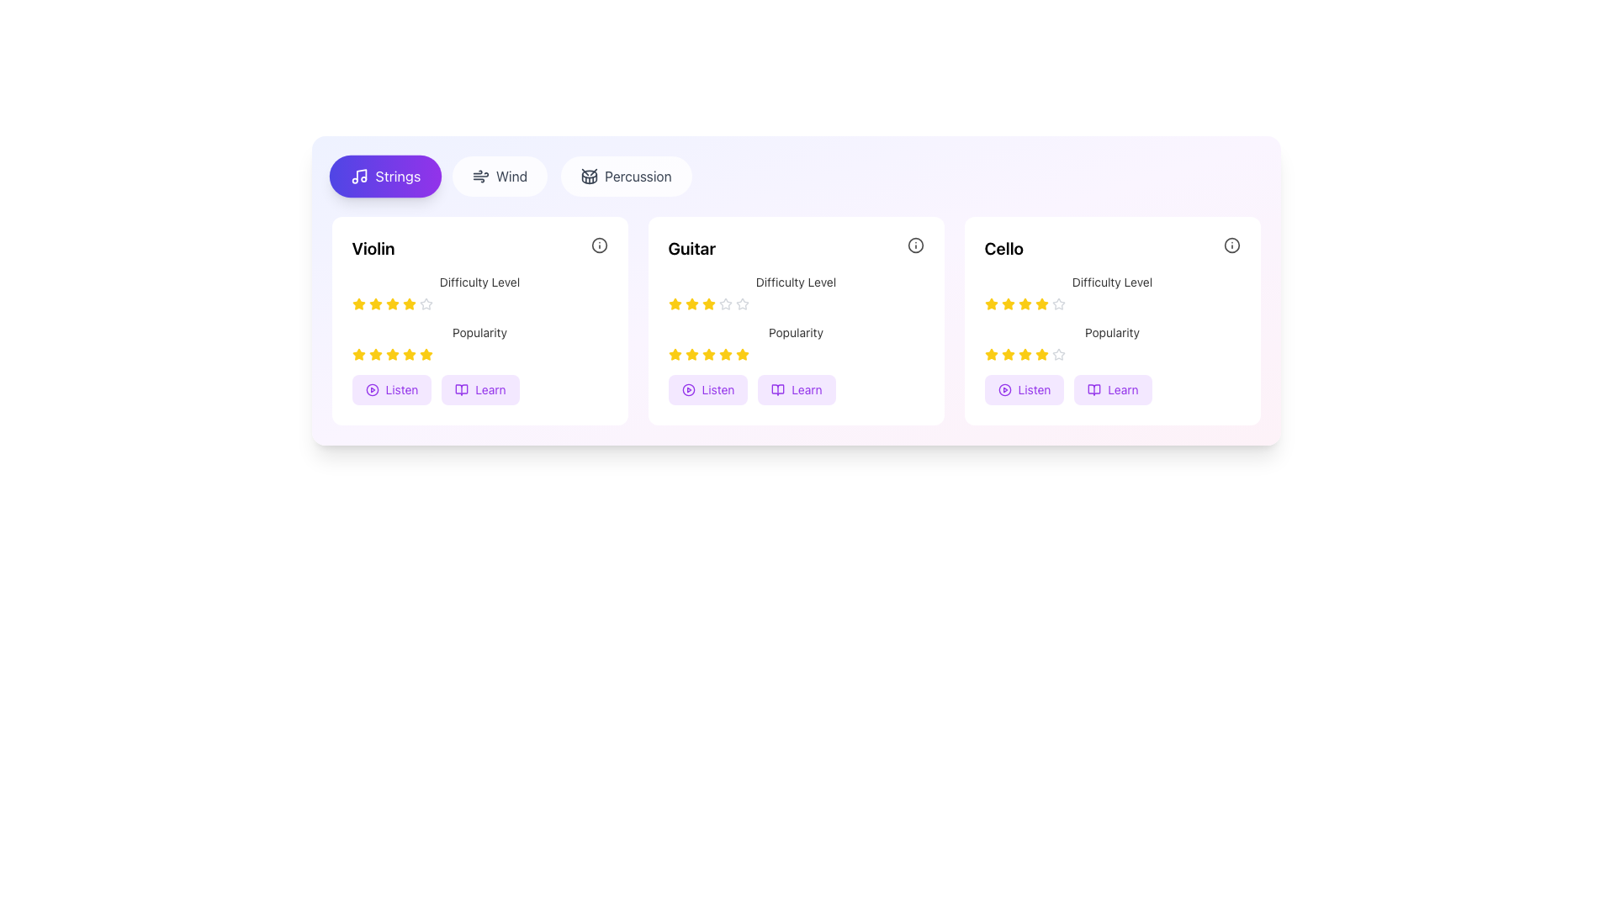 This screenshot has width=1615, height=908. What do you see at coordinates (1008, 353) in the screenshot?
I see `the active yellow star icon representing the popularity rating in the second row of the 'Cello' card` at bounding box center [1008, 353].